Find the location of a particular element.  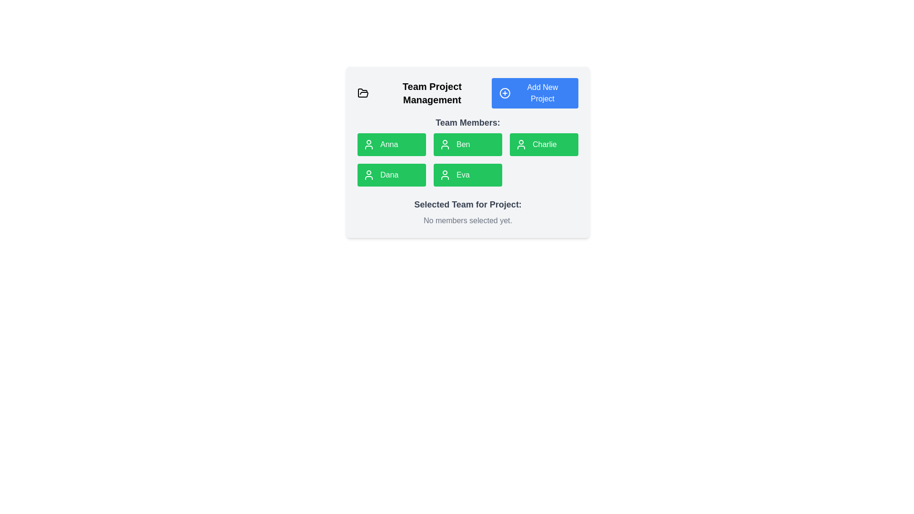

the button used to initiate the creation of a new project, located on the right side of the 'Team Project Management' header to change its visual state is located at coordinates (535, 93).